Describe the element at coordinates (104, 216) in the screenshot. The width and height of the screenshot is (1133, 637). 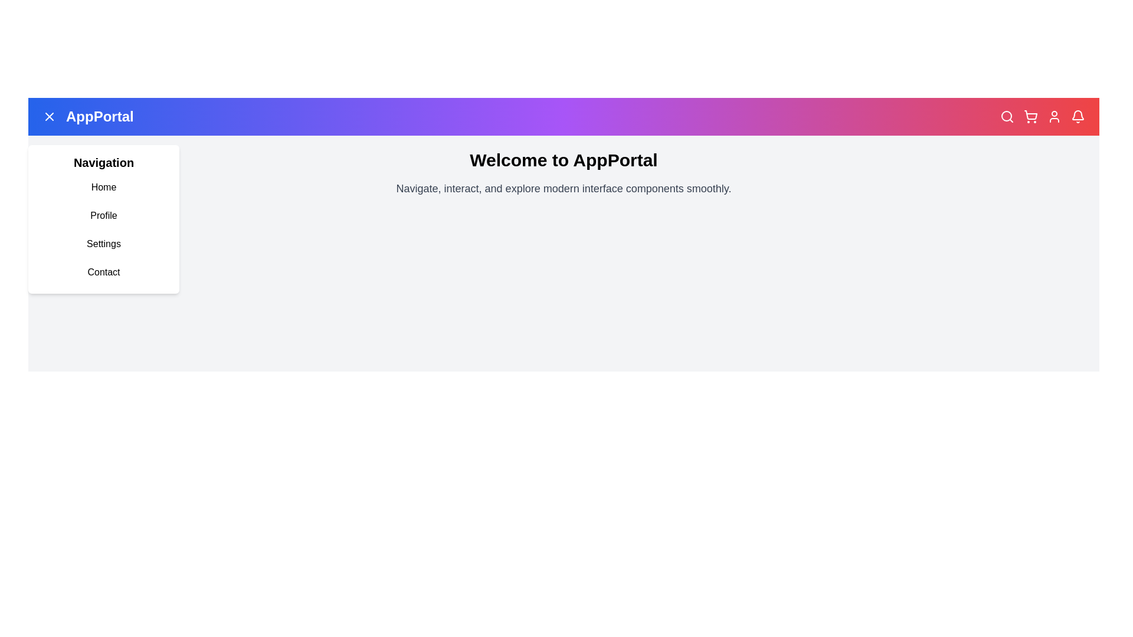
I see `the 'Profile' button located in the sidebar menu` at that location.